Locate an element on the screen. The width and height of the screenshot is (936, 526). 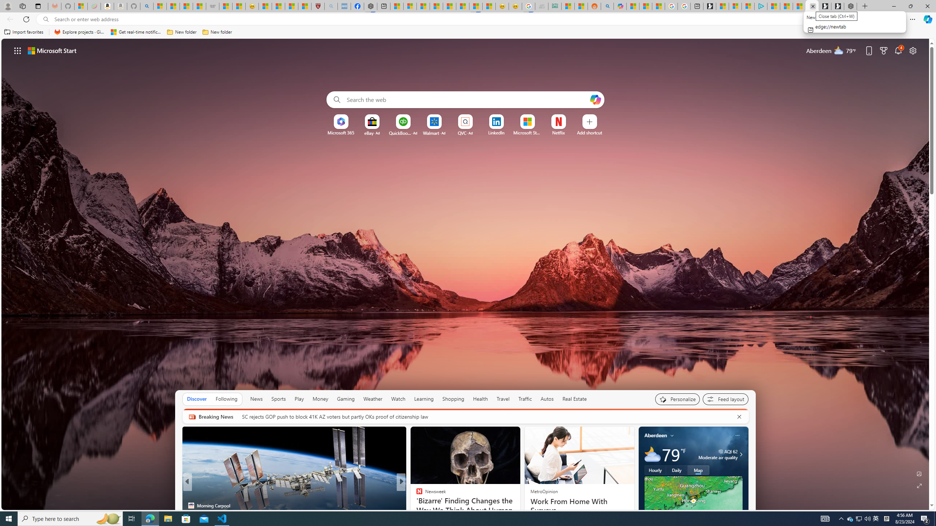
'Utah sues federal government - Search' is located at coordinates (607, 6).